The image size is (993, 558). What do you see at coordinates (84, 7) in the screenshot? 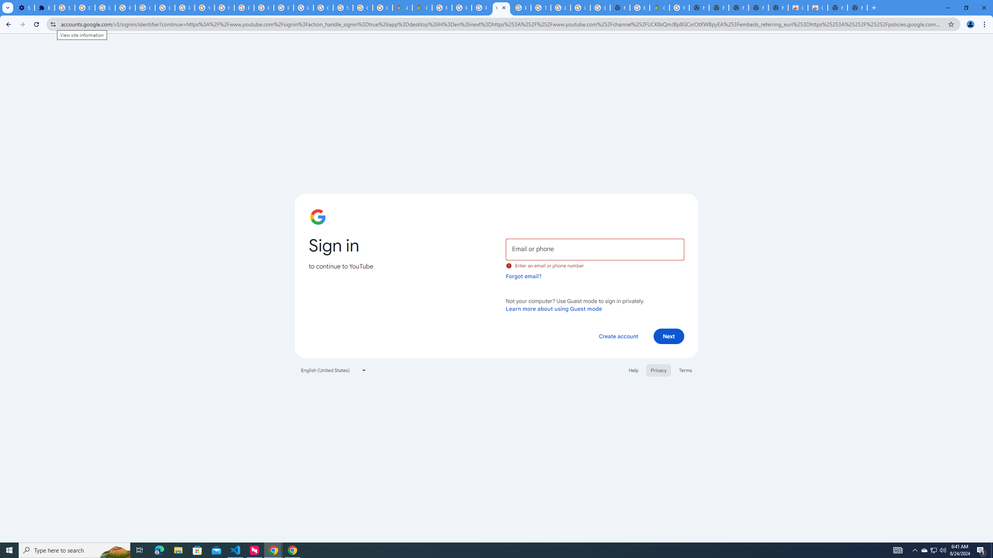
I see `'Delete photos & videos - Computer - Google Photos Help'` at bounding box center [84, 7].